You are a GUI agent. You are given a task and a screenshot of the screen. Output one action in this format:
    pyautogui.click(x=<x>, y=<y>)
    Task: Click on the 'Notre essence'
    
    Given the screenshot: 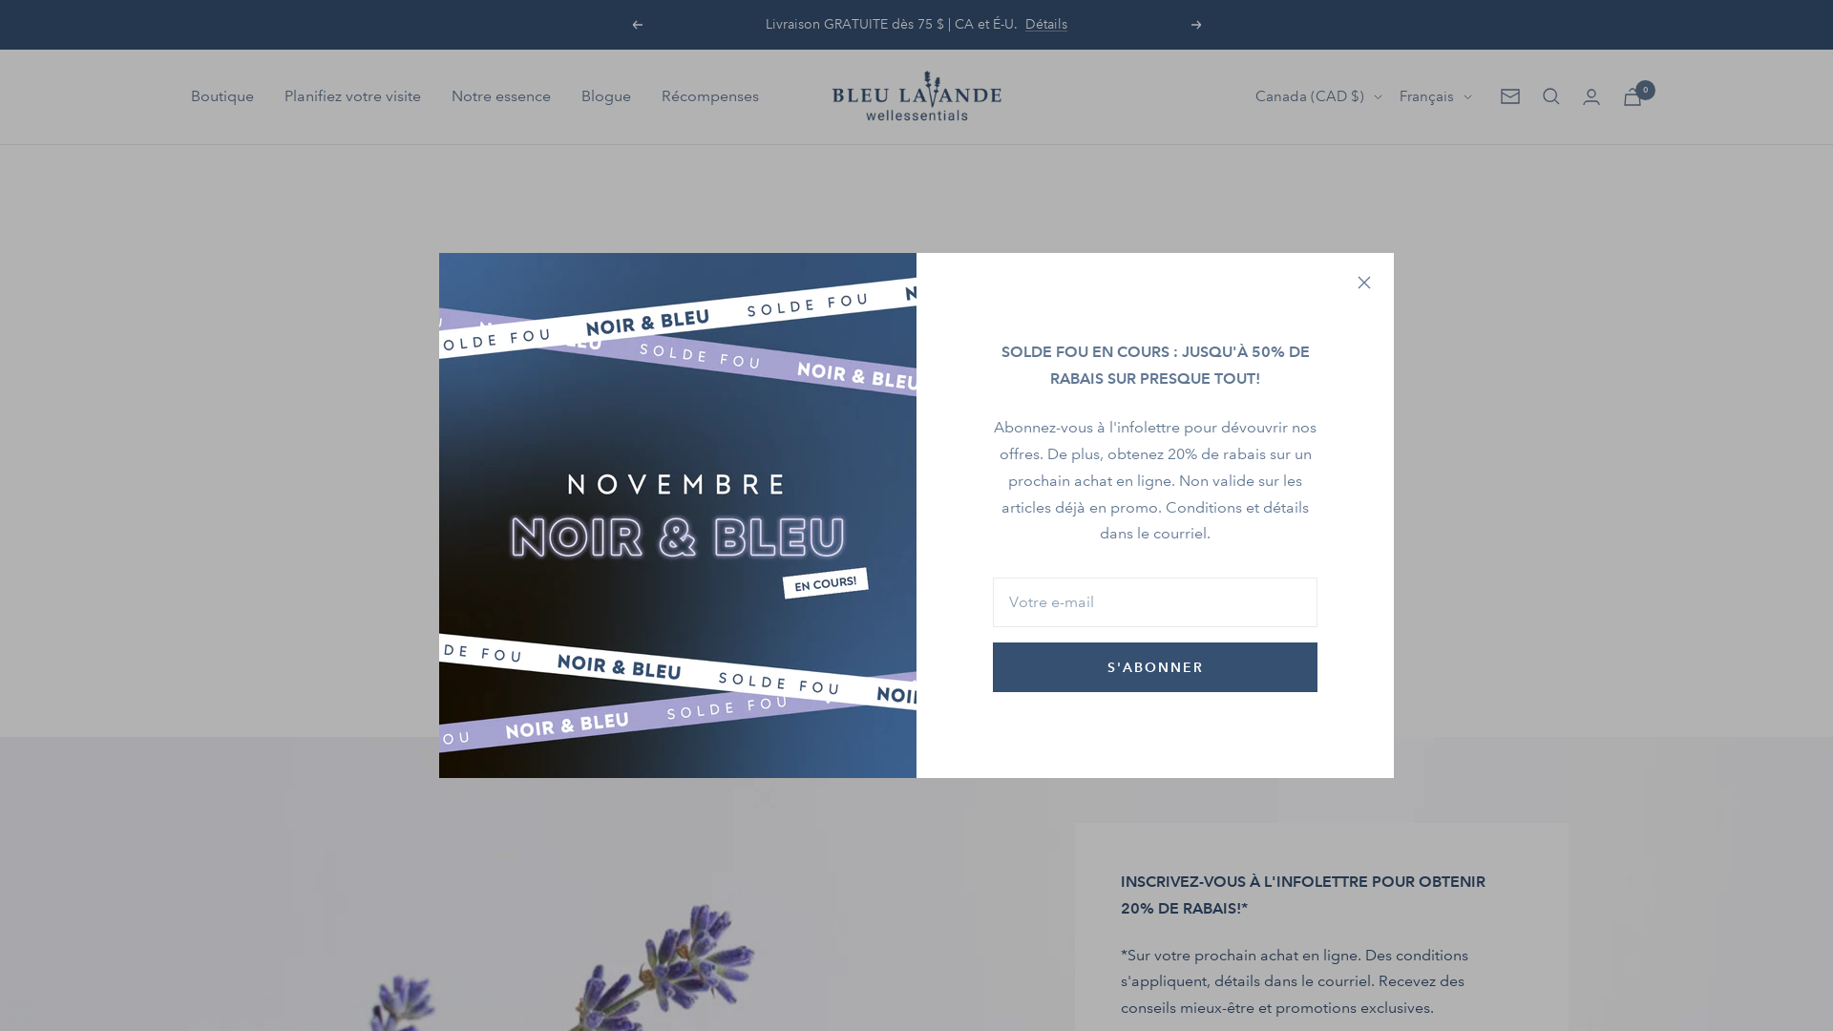 What is the action you would take?
    pyautogui.click(x=500, y=95)
    